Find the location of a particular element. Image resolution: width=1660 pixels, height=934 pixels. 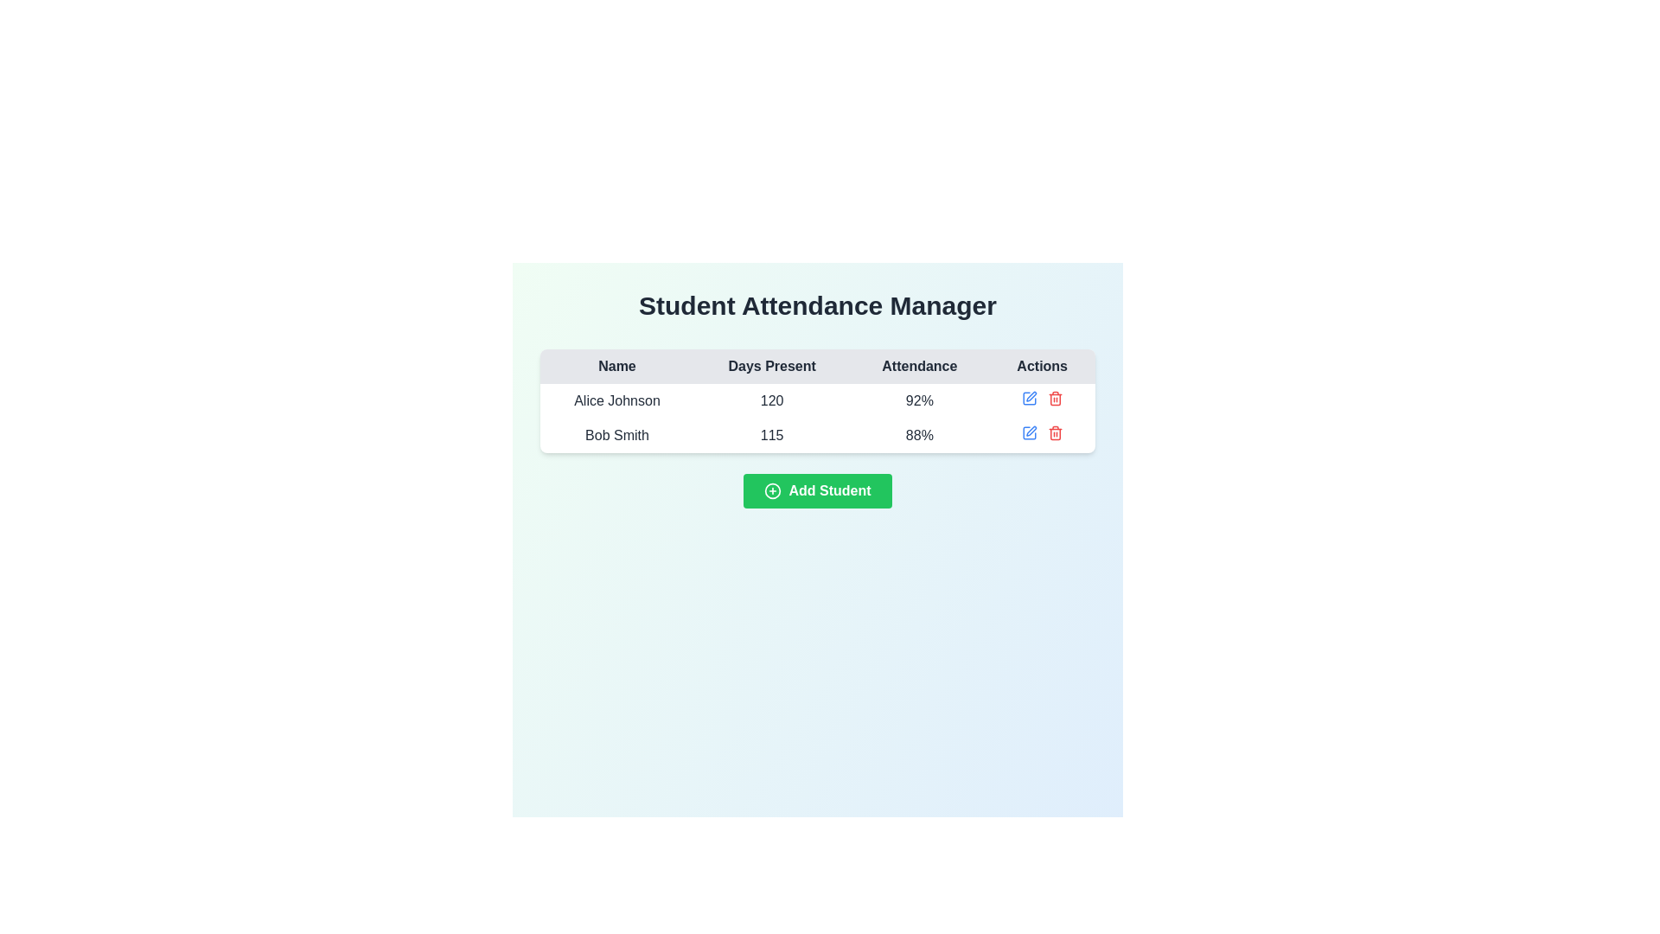

the edit button located is located at coordinates (1029, 432).